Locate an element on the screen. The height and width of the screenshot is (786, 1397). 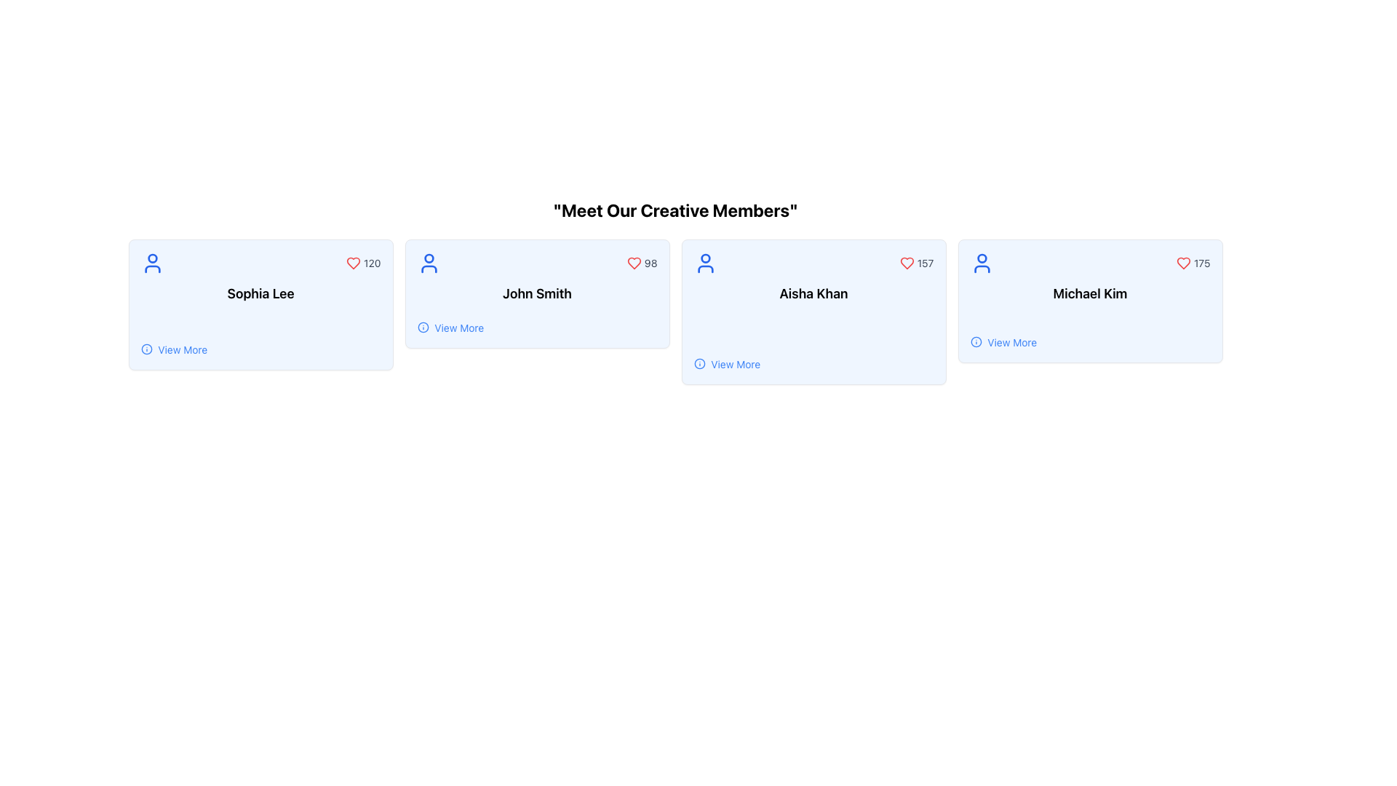
the user icon styled as an SVG graphic representing 'Aisha Khan' located at the top left corner of the card is located at coordinates (705, 263).